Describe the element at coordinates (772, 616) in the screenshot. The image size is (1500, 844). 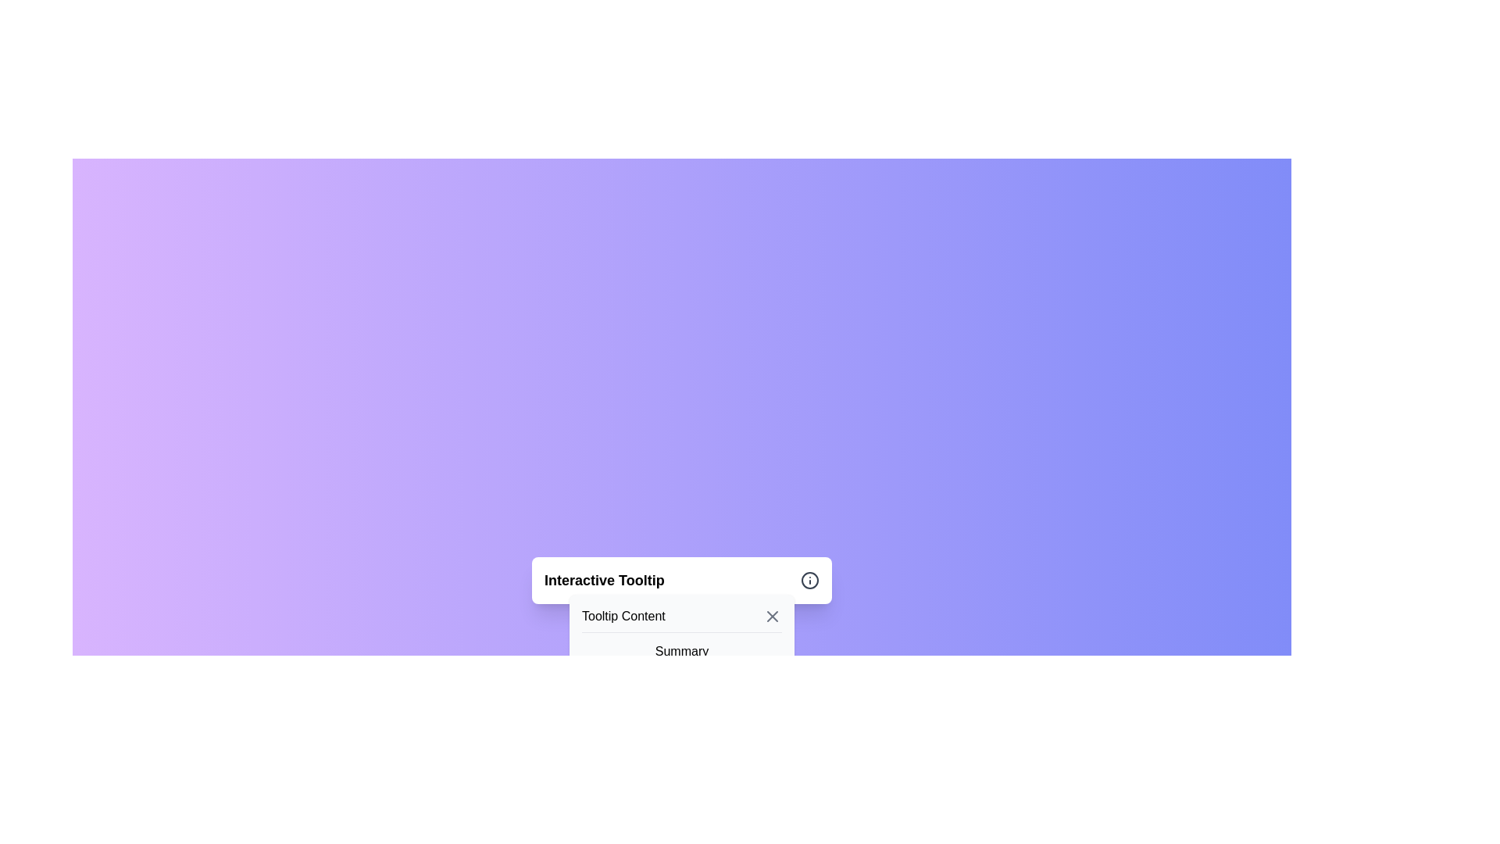
I see `the close or dismiss button, which is a cross-shaped icon located within a modal or tooltip component, positioned to the right of the 'Tooltip Content' text label` at that location.